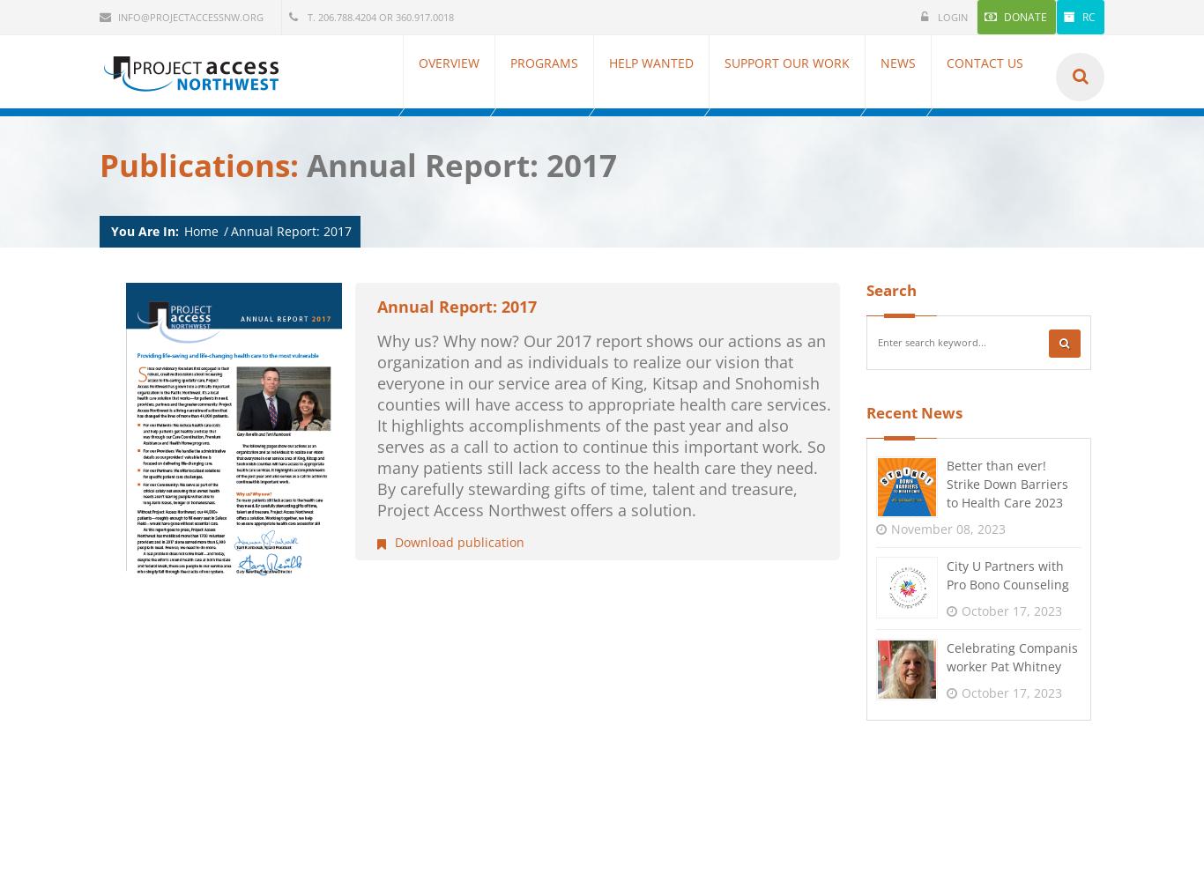 The image size is (1204, 881). I want to click on 'Celebrating Companis worker Pat Whitney', so click(1012, 655).